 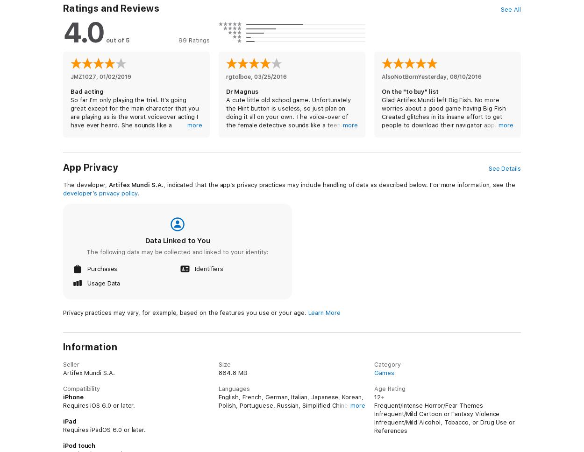 What do you see at coordinates (446, 326) in the screenshot?
I see `'Once the VO is shut off it should seem like a game and not an example of how not to hire and cast voice over "actors".'` at bounding box center [446, 326].